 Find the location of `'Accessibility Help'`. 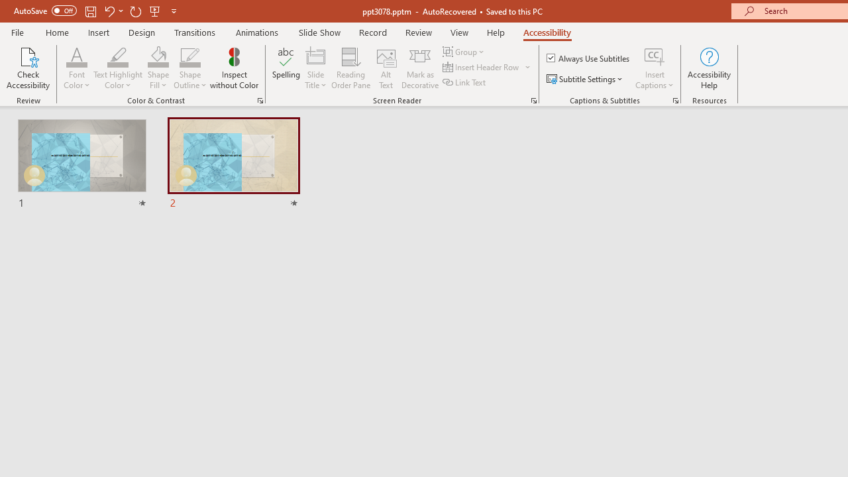

'Accessibility Help' is located at coordinates (708, 68).